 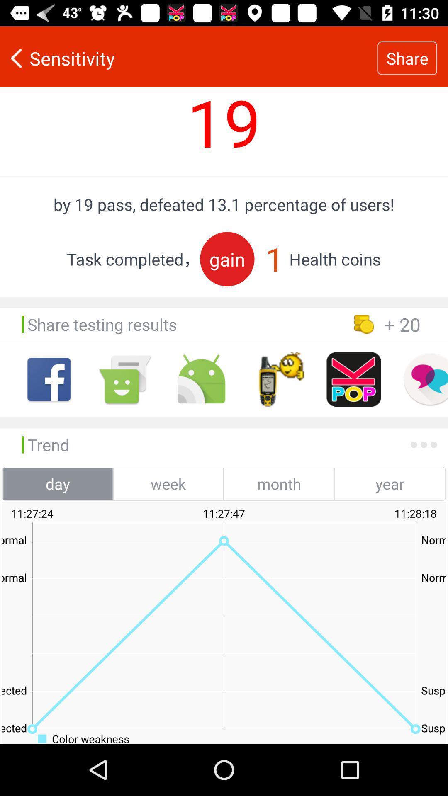 I want to click on icon to the left of the share item, so click(x=189, y=58).